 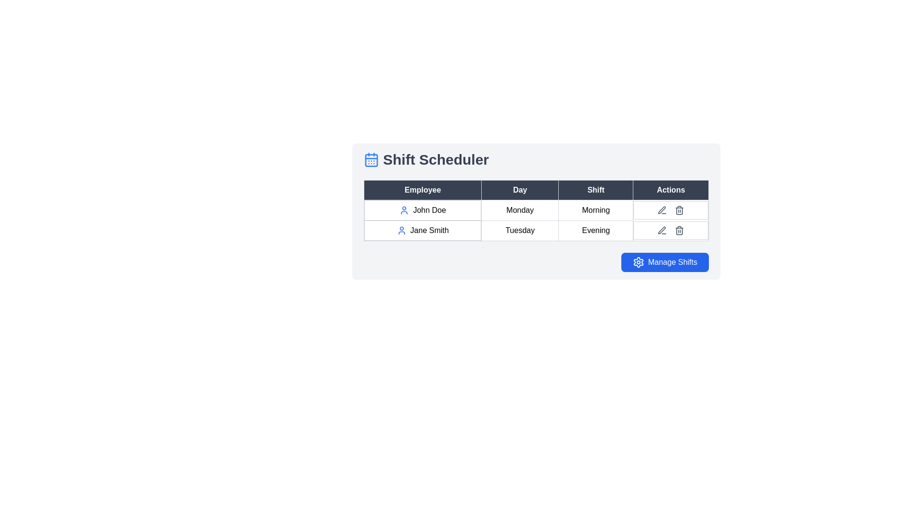 I want to click on the icon representing 'John Doe' located in the first row of the employee table, positioned to the left of the 'John Doe' text, so click(x=404, y=209).